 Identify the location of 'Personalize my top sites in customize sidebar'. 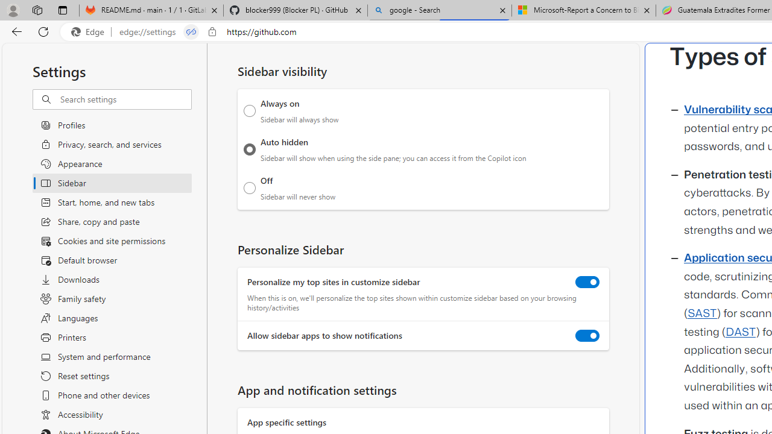
(587, 282).